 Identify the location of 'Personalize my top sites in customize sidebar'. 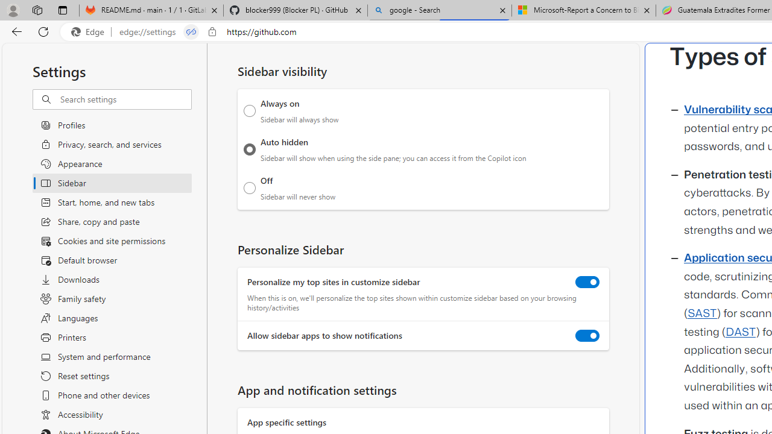
(587, 282).